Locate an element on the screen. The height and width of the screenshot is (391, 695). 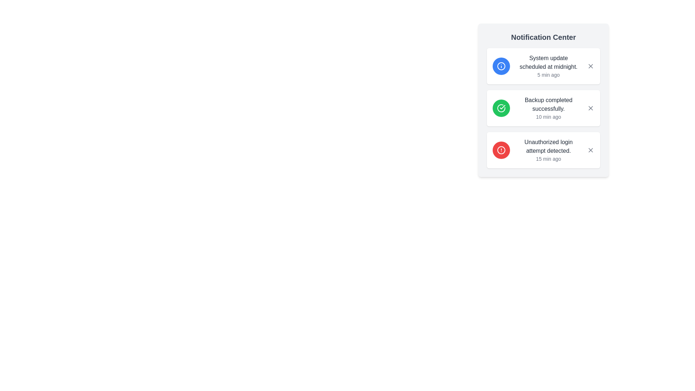
the static text label displaying the time indicator '5 min ago', which is styled in gray and positioned under the primary notification message in the Notification Center is located at coordinates (548, 75).